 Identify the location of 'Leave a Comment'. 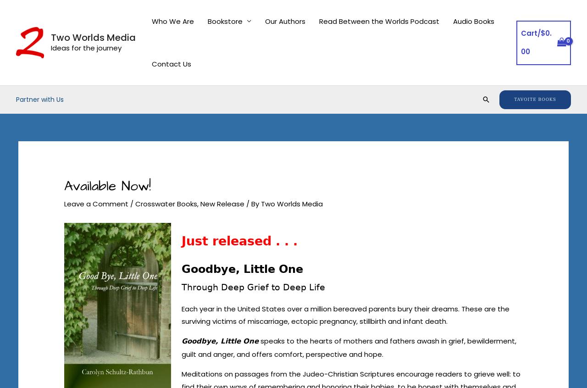
(64, 203).